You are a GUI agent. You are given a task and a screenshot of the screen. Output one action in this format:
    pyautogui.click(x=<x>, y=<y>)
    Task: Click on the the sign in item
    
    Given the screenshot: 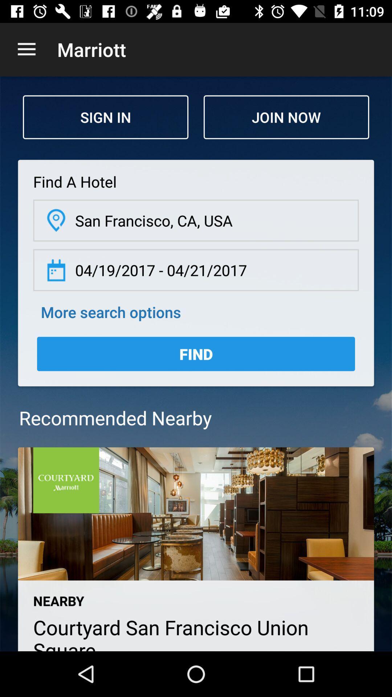 What is the action you would take?
    pyautogui.click(x=105, y=117)
    